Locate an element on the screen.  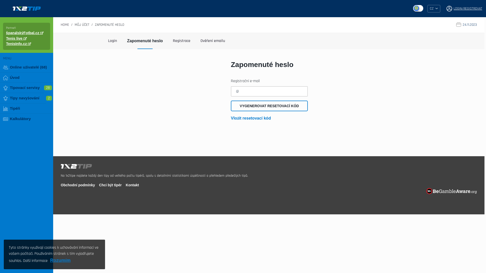
'REGISTROVAT' is located at coordinates (472, 9).